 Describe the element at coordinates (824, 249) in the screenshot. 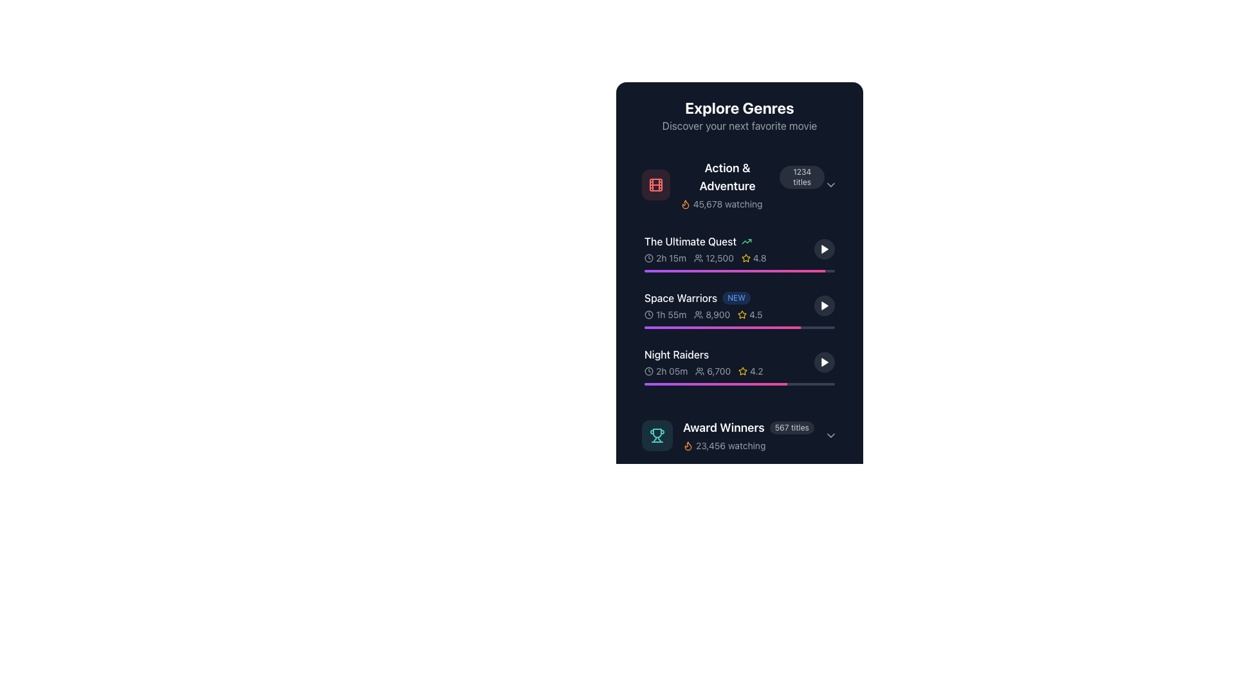

I see `the small circular button with a white arrow (play symbol) located to the right of 'The Ultimate Quest'` at that location.